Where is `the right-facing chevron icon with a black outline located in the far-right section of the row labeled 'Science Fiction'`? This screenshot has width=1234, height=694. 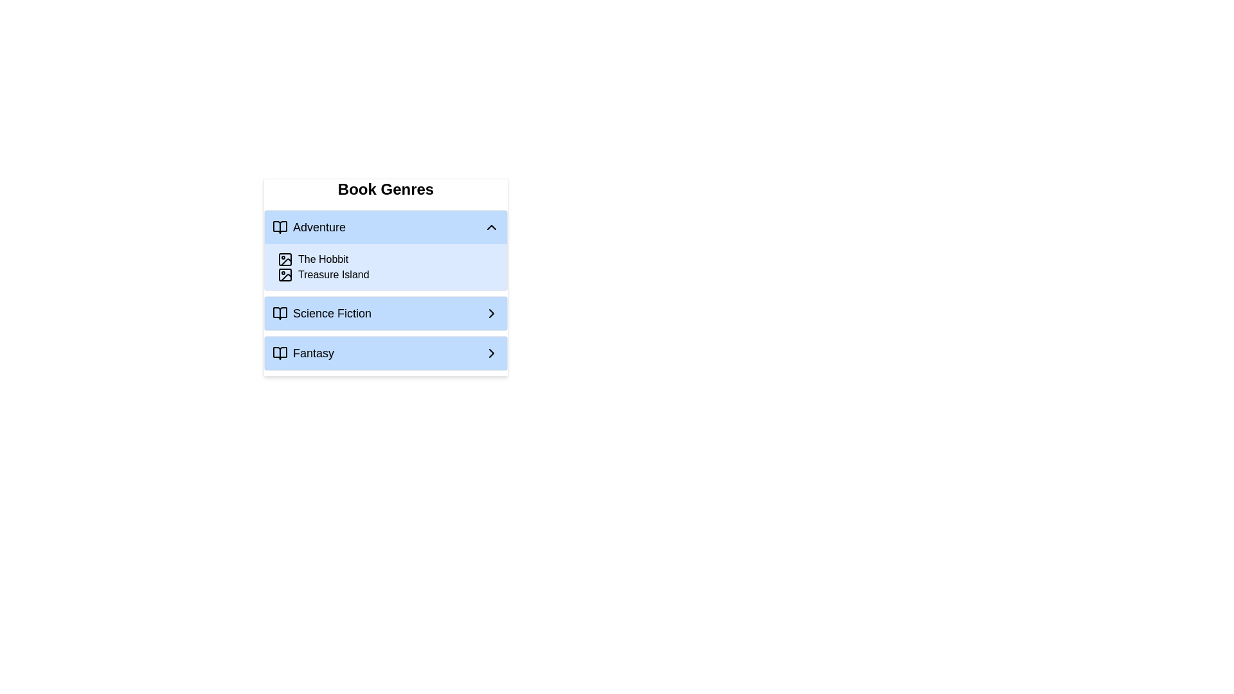
the right-facing chevron icon with a black outline located in the far-right section of the row labeled 'Science Fiction' is located at coordinates (490, 314).